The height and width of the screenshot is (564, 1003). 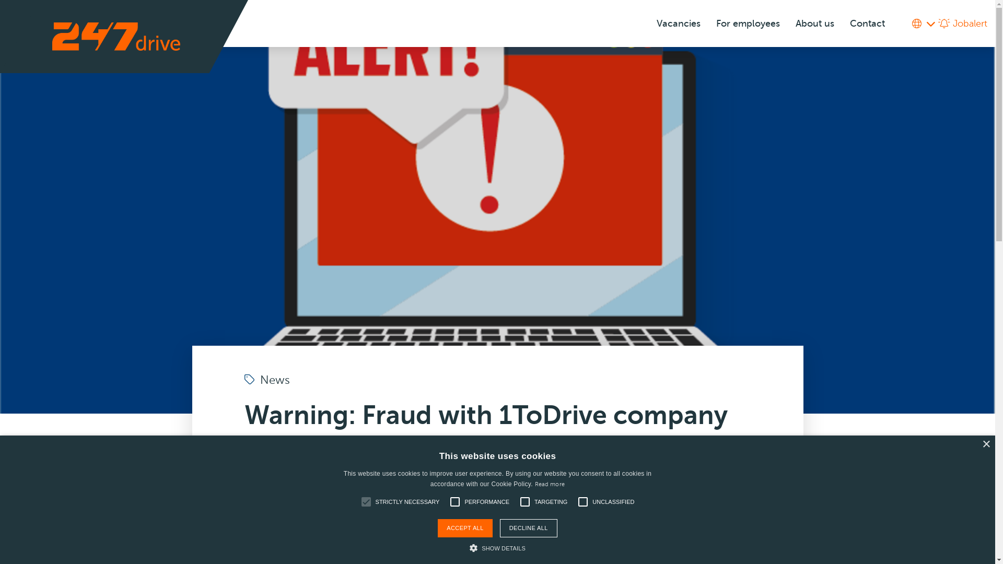 I want to click on 'Contact', so click(x=842, y=23).